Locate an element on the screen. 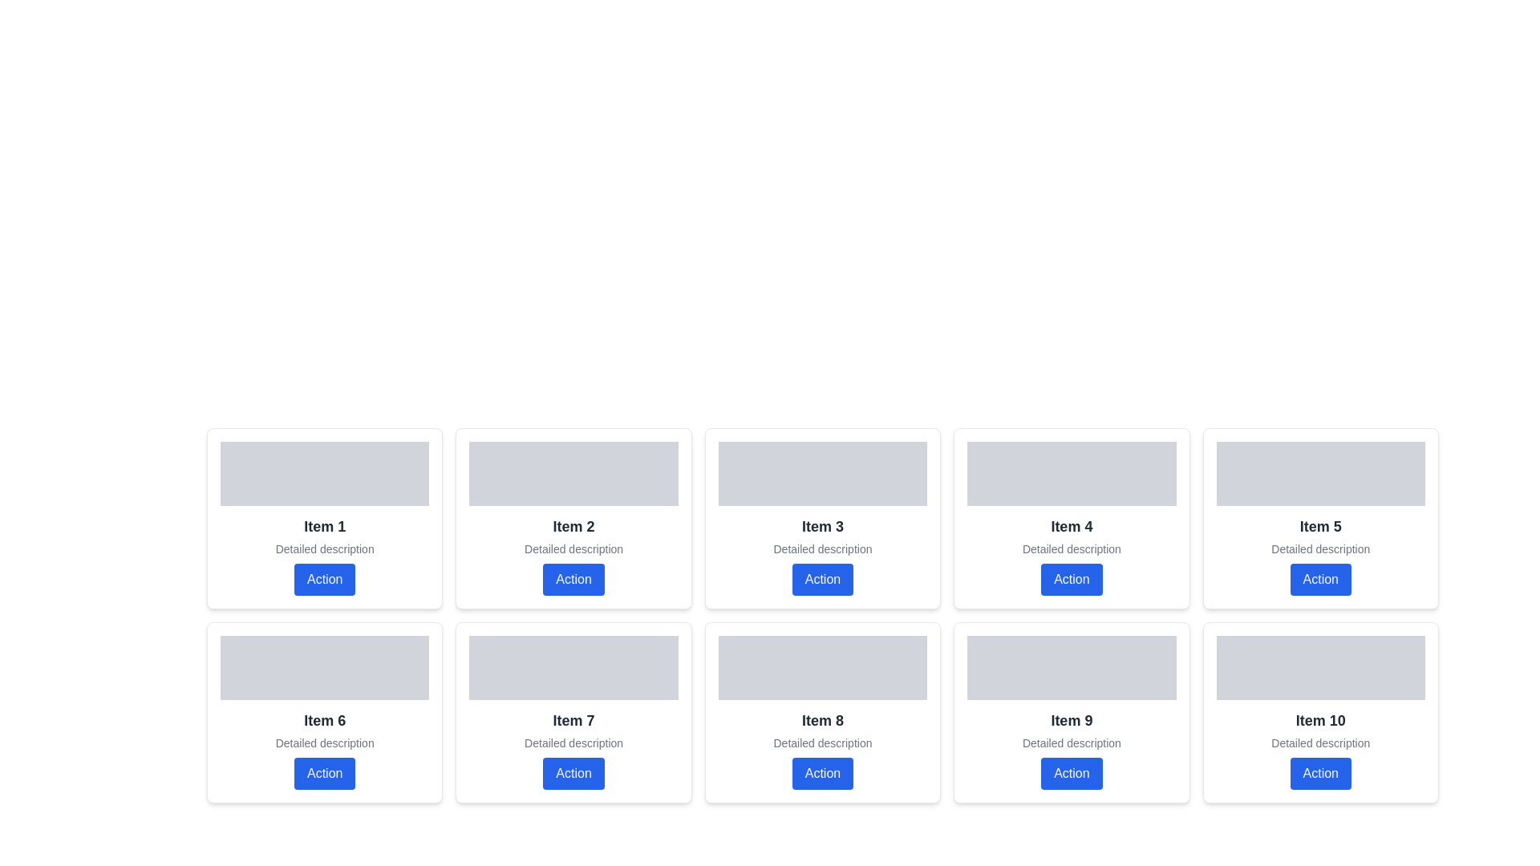 Image resolution: width=1540 pixels, height=866 pixels. the rectangular gray Placeholder or Display Area located at the top of the card labeled 'Item 10' is located at coordinates (1320, 668).